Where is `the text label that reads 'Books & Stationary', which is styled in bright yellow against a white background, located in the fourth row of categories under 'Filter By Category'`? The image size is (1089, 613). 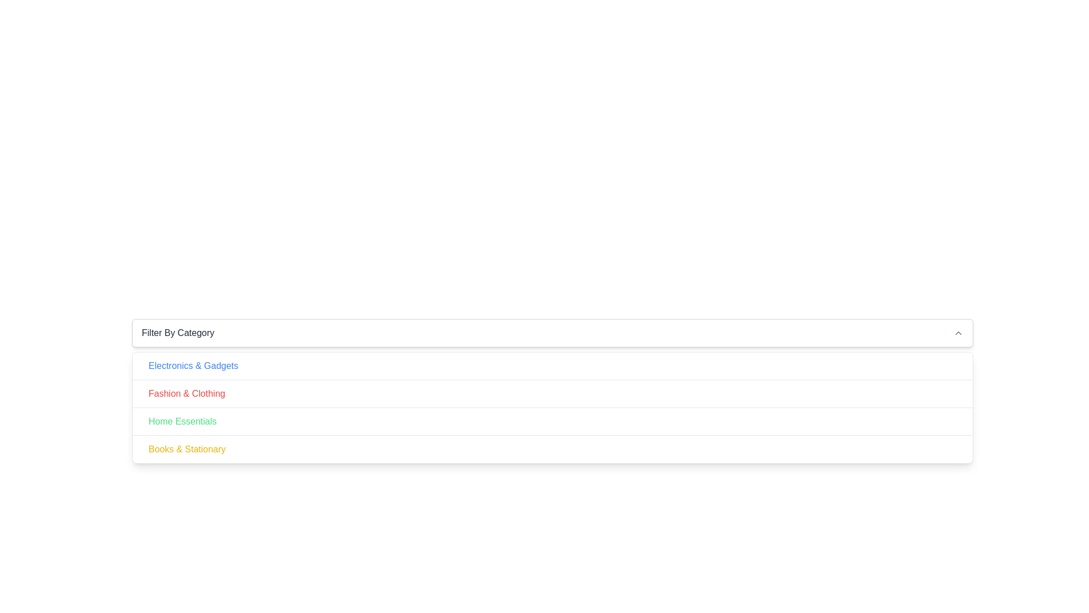
the text label that reads 'Books & Stationary', which is styled in bright yellow against a white background, located in the fourth row of categories under 'Filter By Category' is located at coordinates (187, 448).